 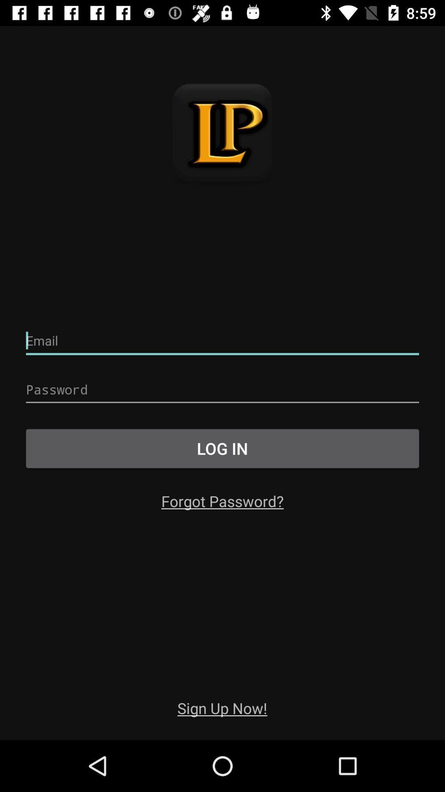 I want to click on type email, so click(x=222, y=341).